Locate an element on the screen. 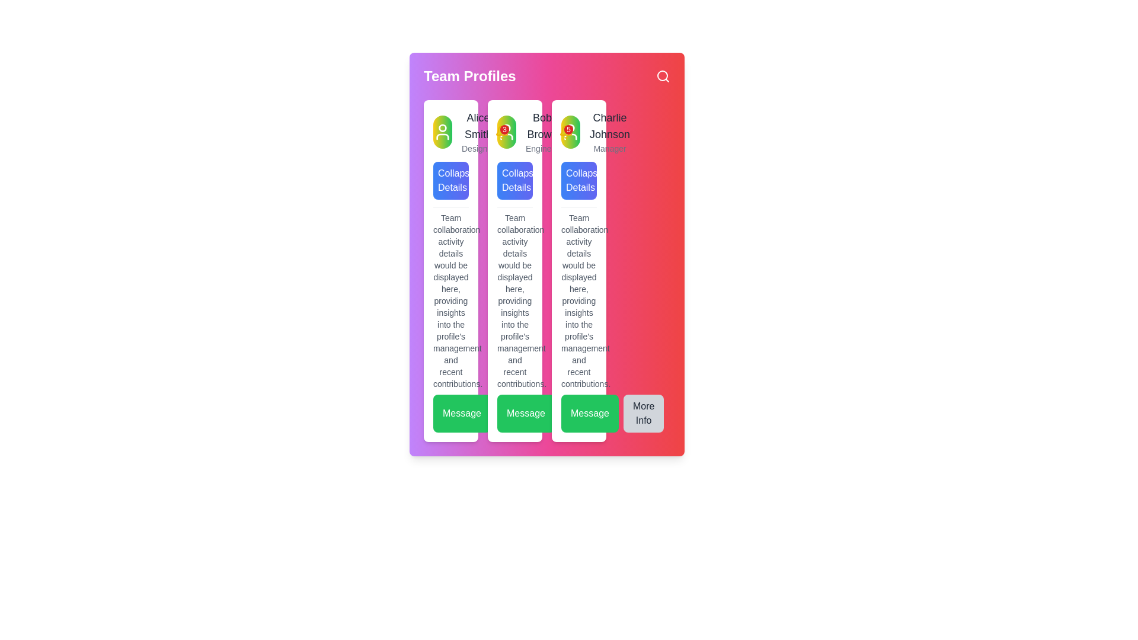 This screenshot has width=1138, height=640. text displayed for the profile name 'Alice Smith' and their role 'Designer' in the 'Team Profiles' section, located in the first column under the profile picture icon is located at coordinates (478, 132).